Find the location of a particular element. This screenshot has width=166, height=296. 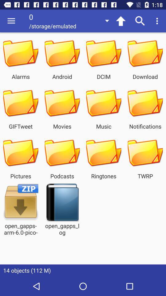

folder icon which is above ringtones is located at coordinates (104, 153).